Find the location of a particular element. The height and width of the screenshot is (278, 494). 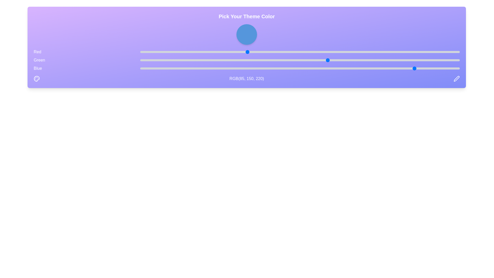

the slider's value is located at coordinates (341, 52).